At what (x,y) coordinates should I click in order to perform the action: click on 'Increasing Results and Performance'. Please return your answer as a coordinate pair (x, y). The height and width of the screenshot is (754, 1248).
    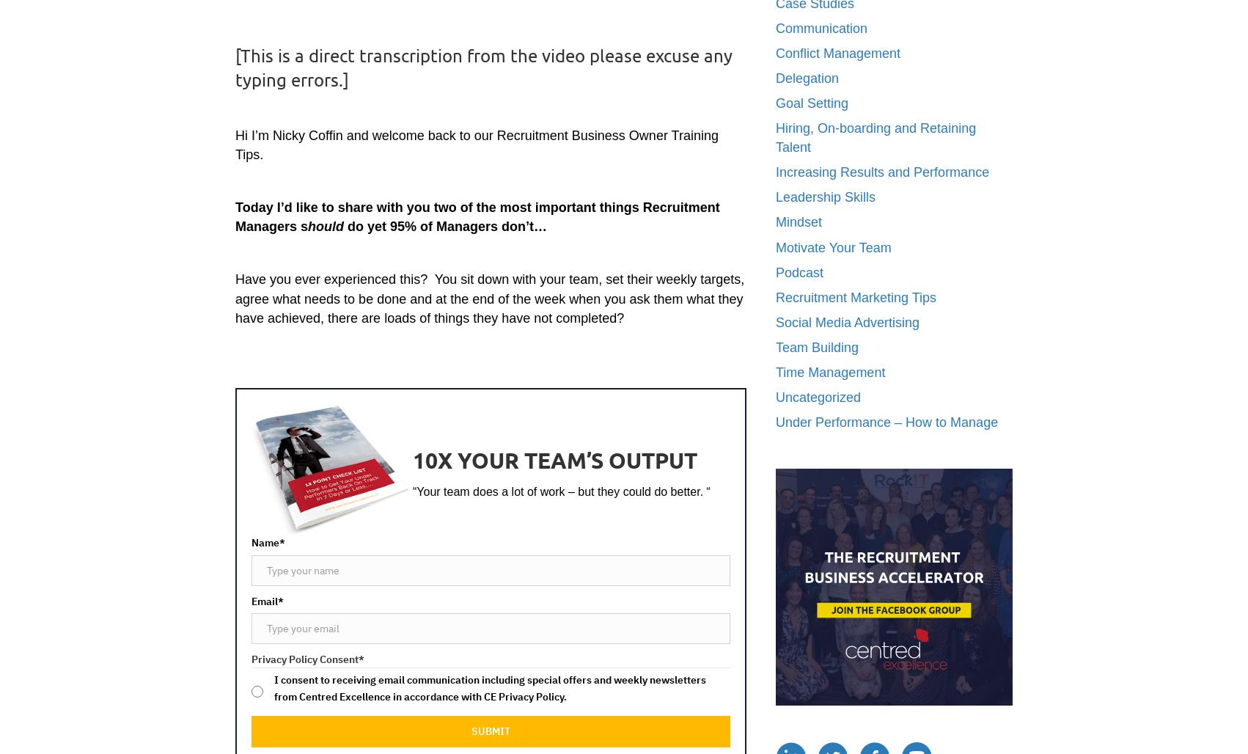
    Looking at the image, I should click on (882, 172).